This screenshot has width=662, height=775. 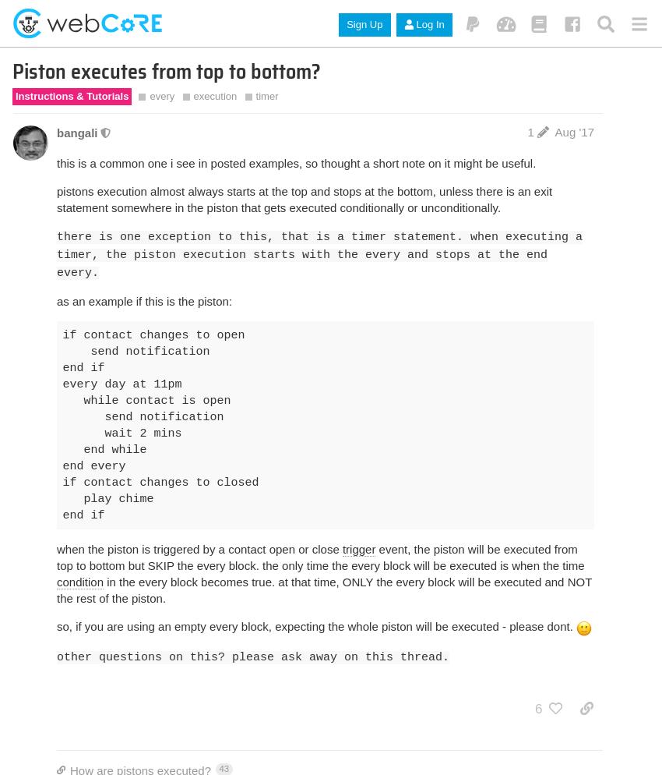 I want to click on 'other questions on this? please ask away on this thread.', so click(x=57, y=656).